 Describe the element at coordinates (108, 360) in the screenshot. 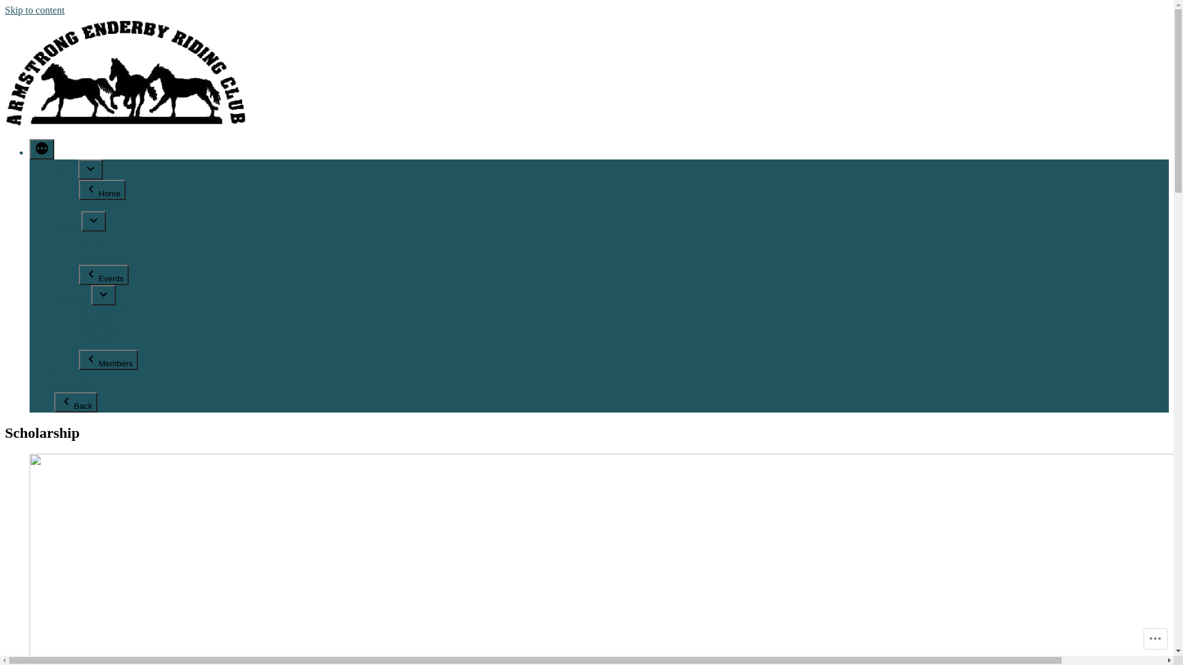

I see `'Members'` at that location.